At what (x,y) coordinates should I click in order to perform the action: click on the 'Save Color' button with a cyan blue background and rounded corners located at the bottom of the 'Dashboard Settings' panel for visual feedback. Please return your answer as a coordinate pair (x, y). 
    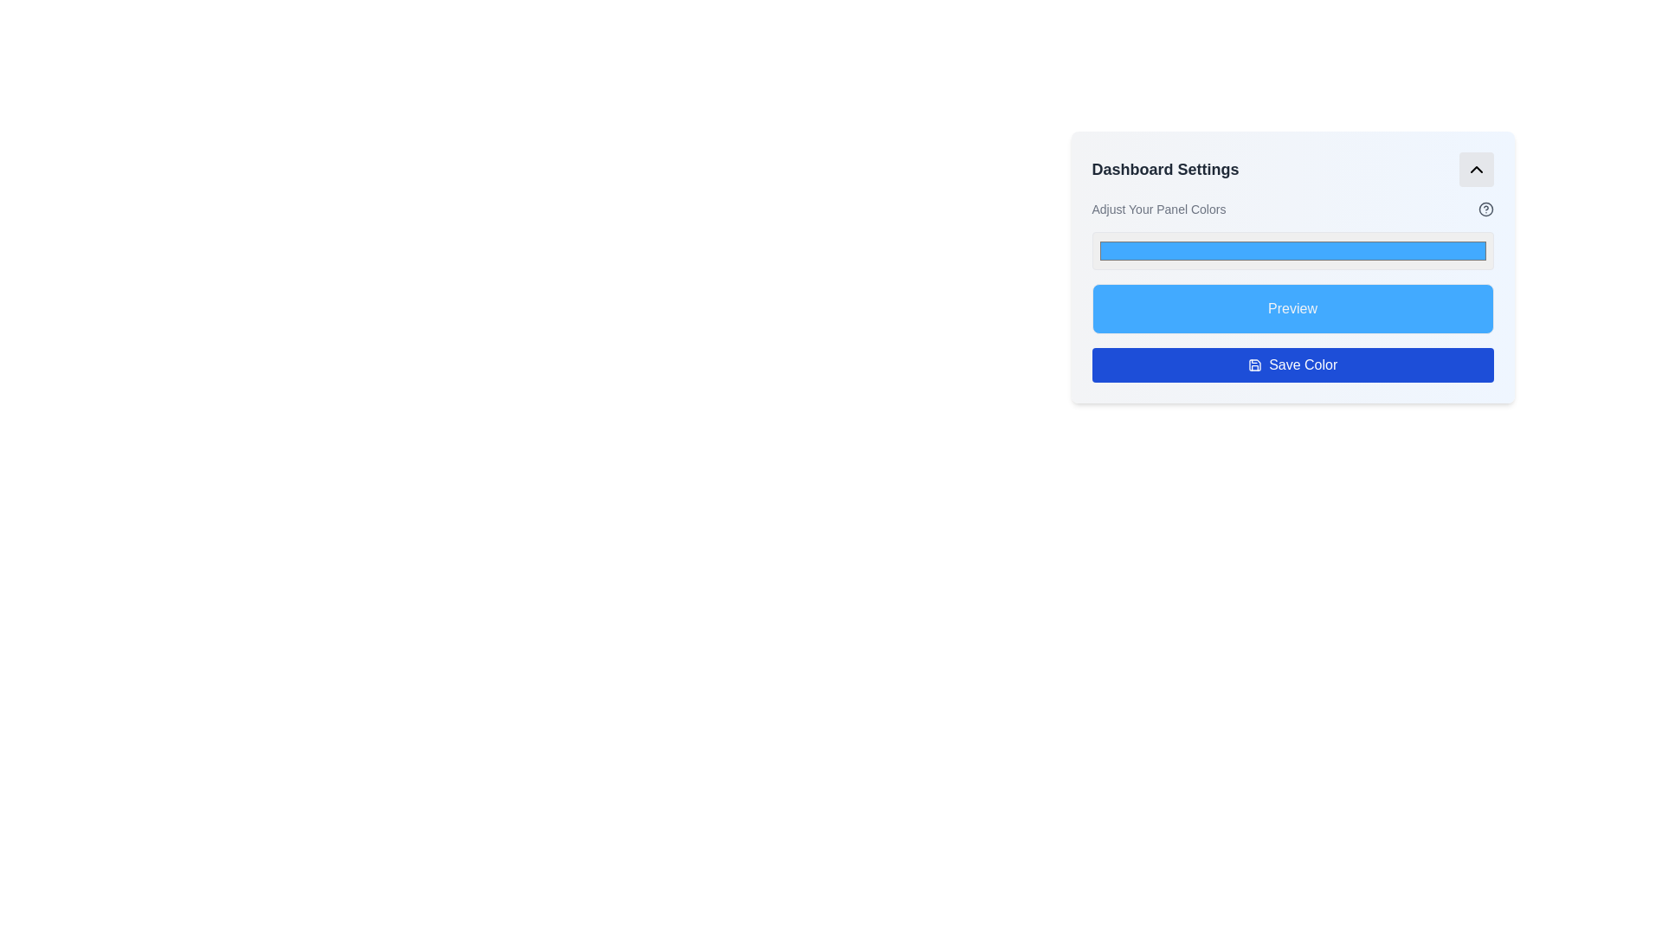
    Looking at the image, I should click on (1292, 364).